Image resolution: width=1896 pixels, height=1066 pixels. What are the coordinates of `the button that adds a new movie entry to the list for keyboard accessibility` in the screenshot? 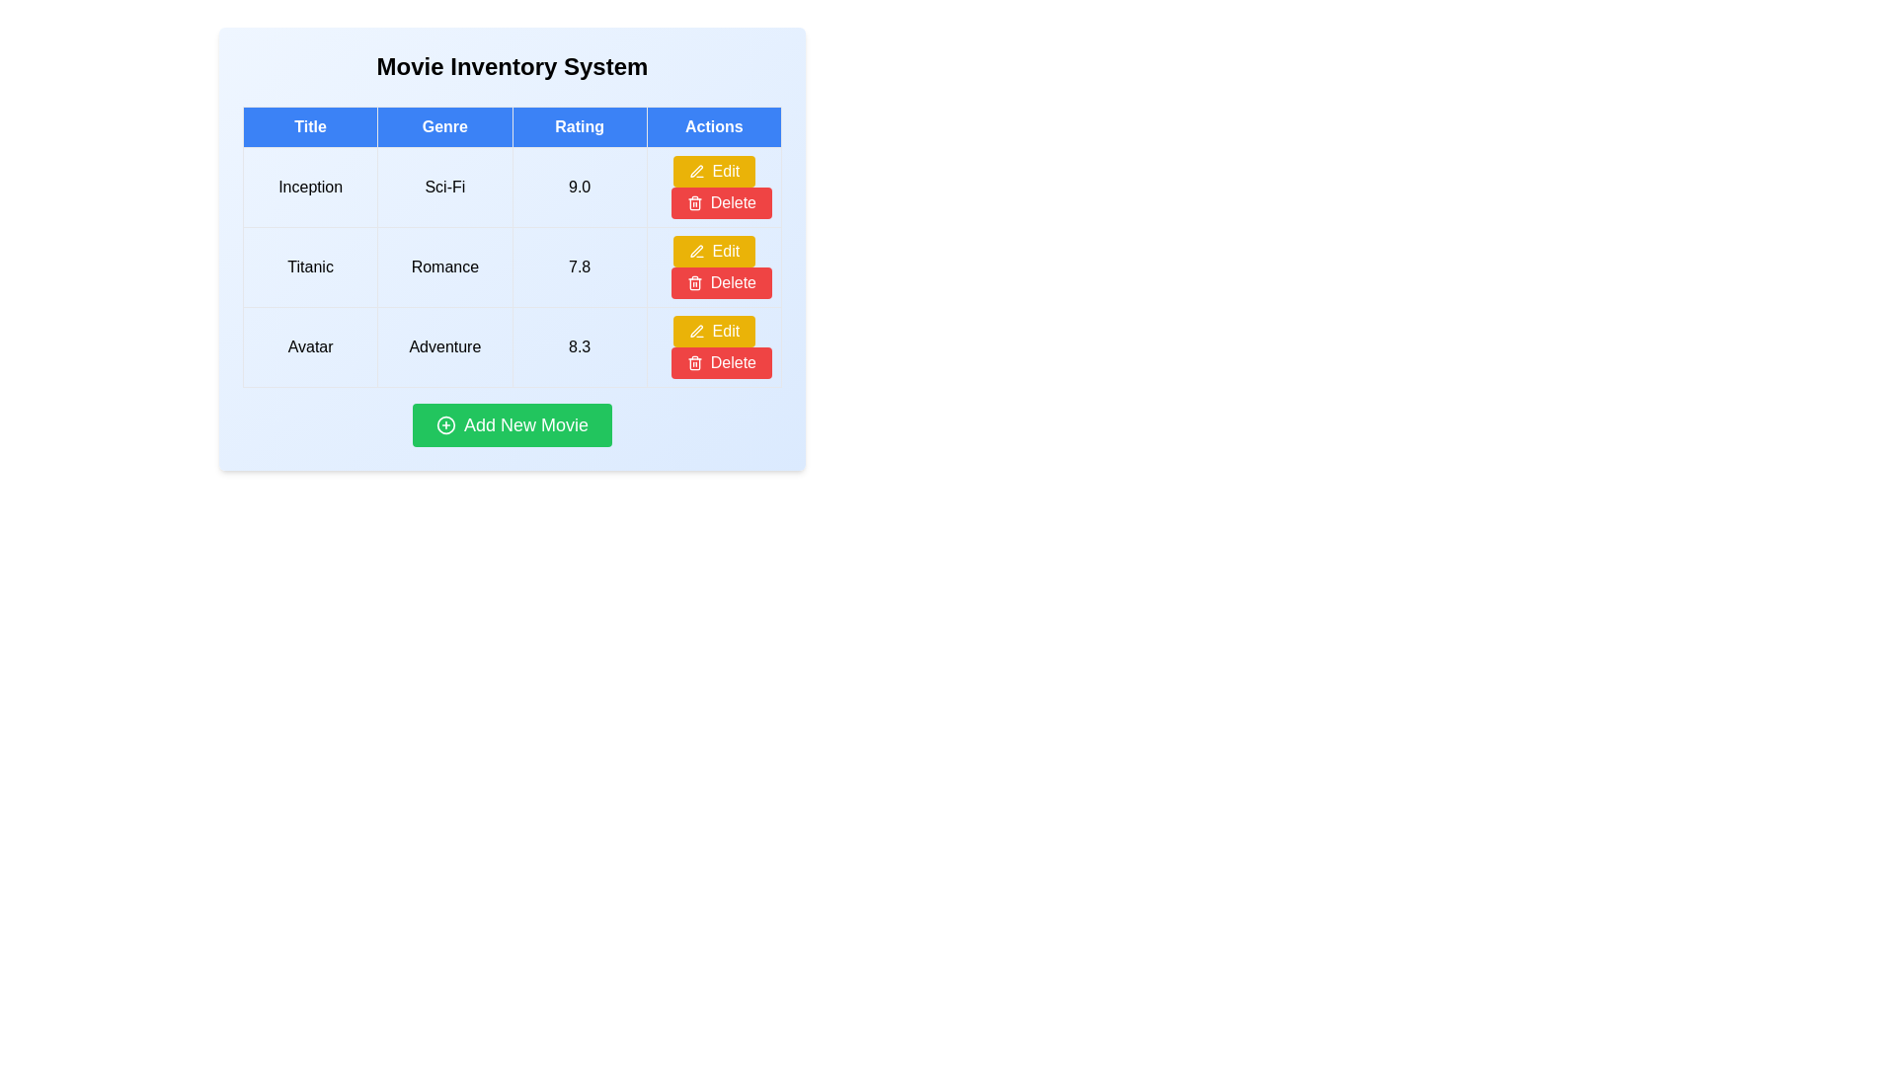 It's located at (512, 424).